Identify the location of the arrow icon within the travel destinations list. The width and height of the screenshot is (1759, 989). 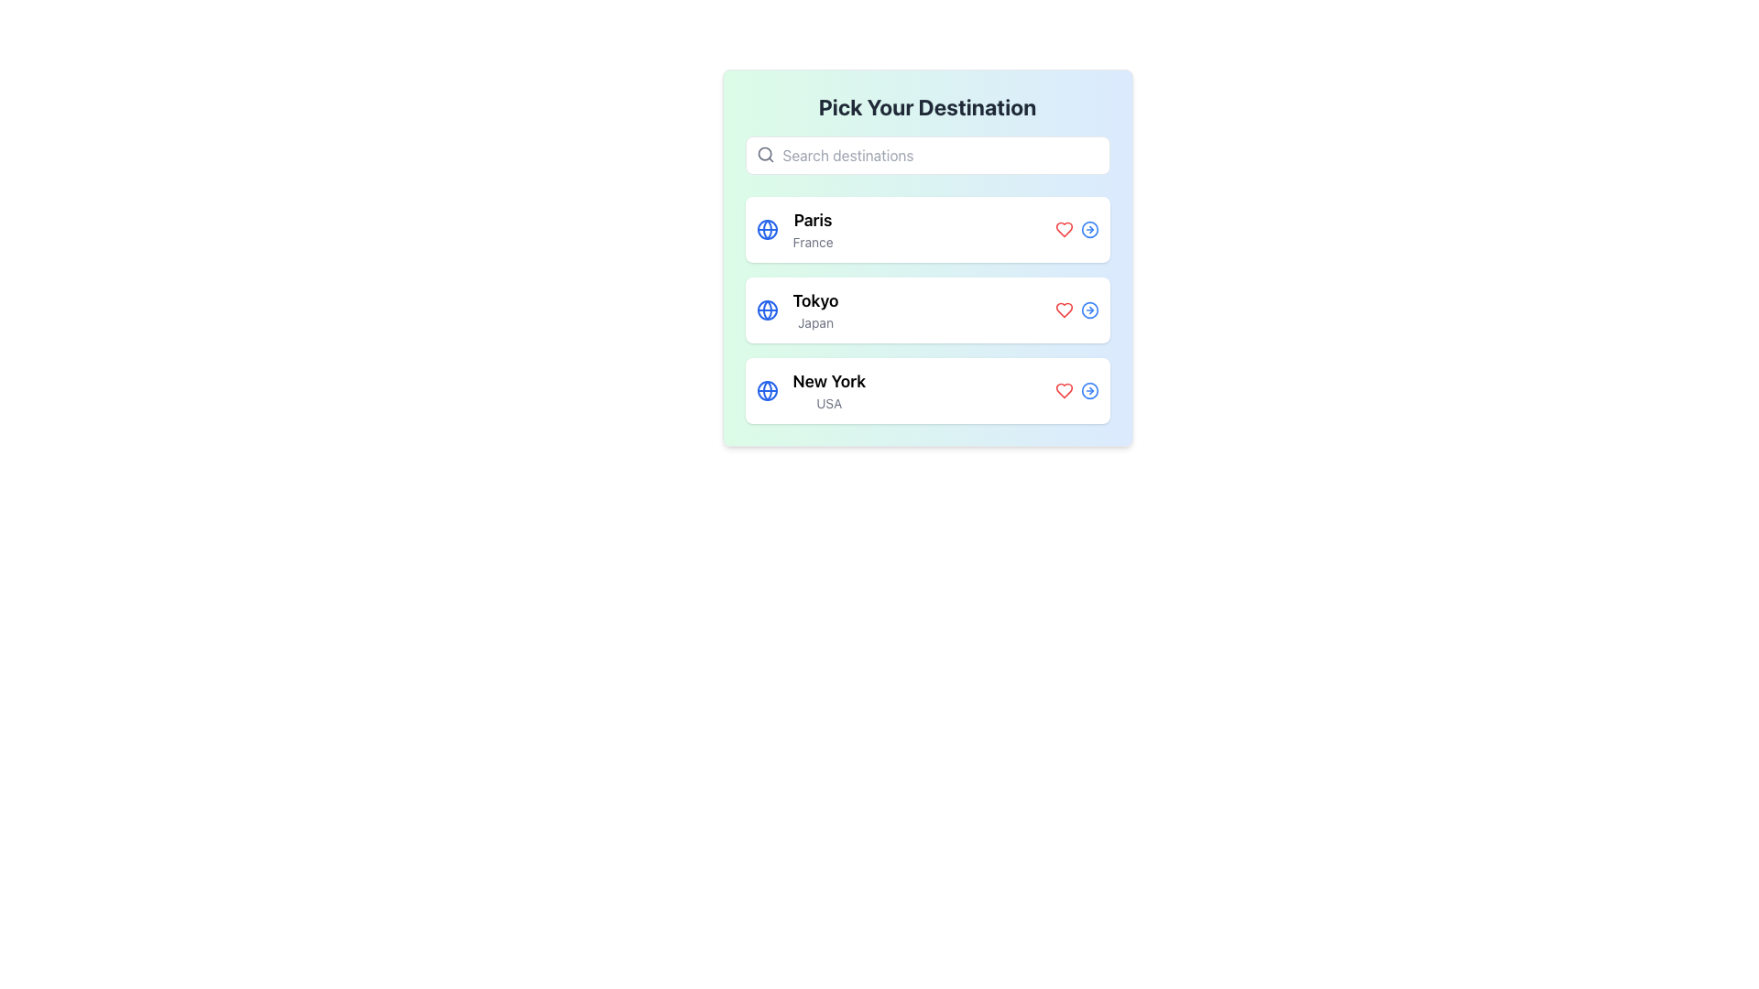
(927, 257).